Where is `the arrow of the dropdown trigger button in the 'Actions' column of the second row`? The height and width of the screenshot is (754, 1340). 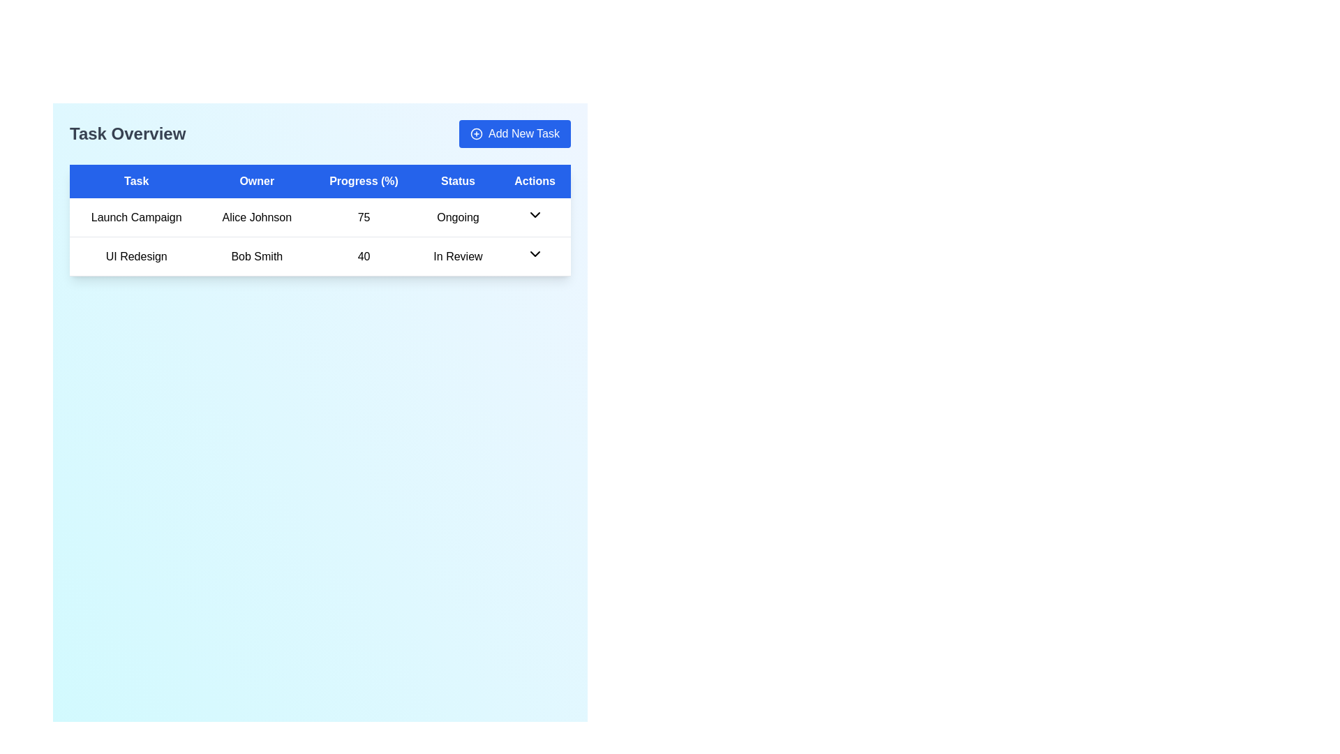
the arrow of the dropdown trigger button in the 'Actions' column of the second row is located at coordinates (534, 256).